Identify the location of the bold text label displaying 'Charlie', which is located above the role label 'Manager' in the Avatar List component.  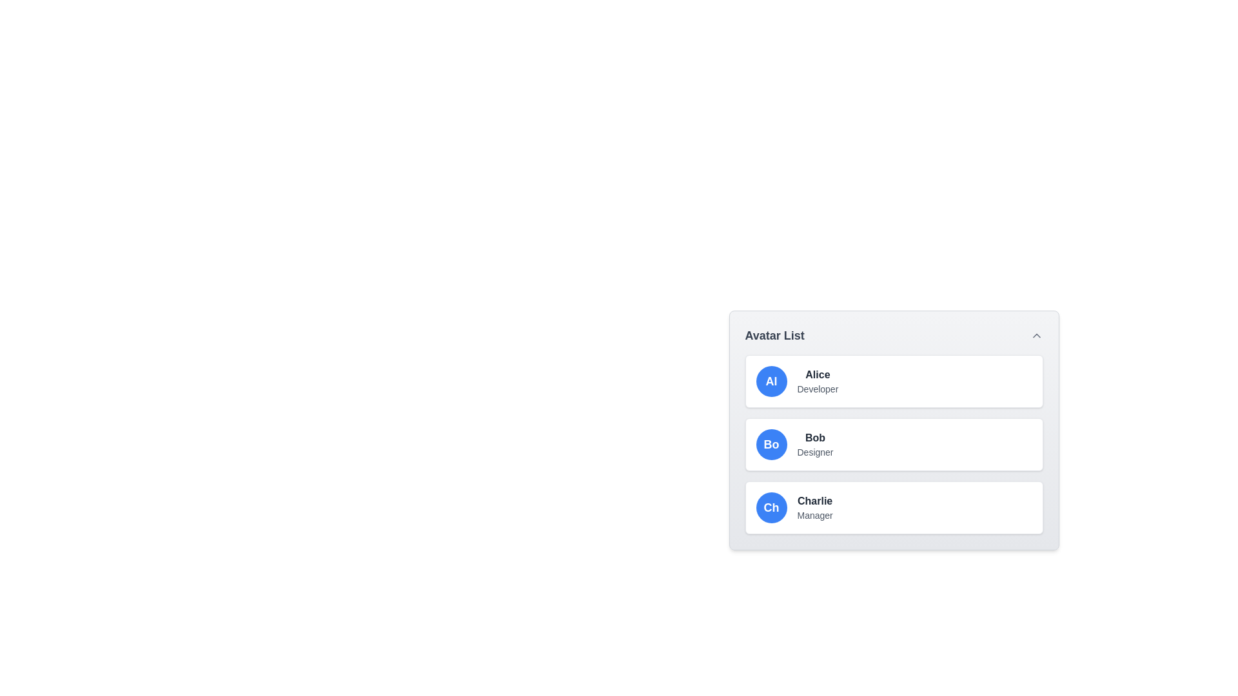
(814, 501).